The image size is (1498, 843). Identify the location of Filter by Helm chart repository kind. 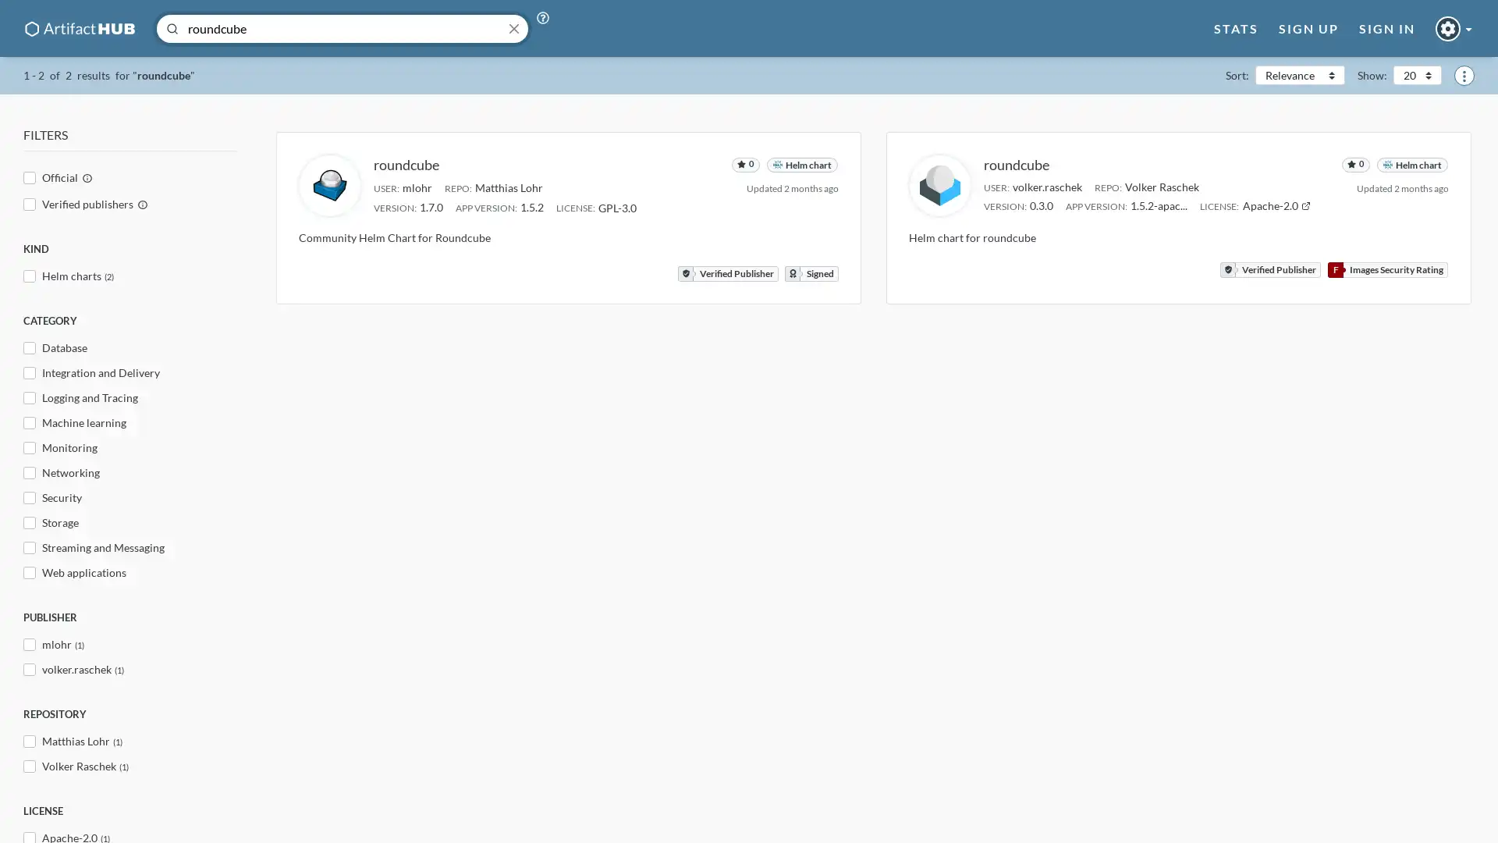
(1411, 165).